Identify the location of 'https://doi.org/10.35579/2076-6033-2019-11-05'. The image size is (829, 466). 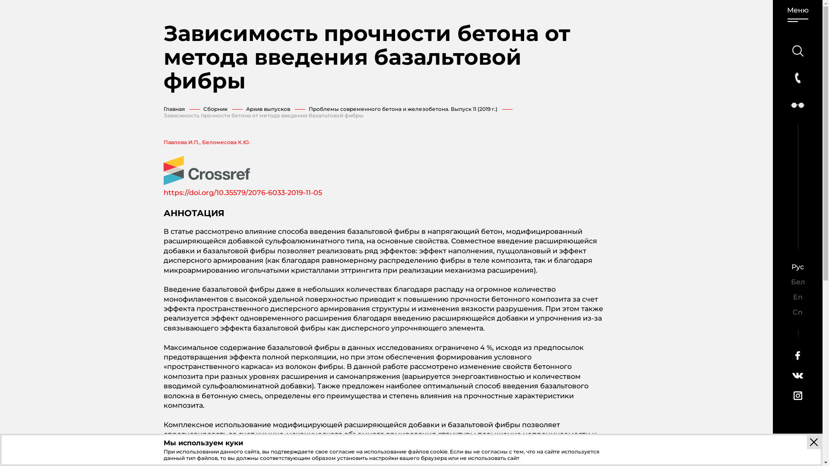
(242, 192).